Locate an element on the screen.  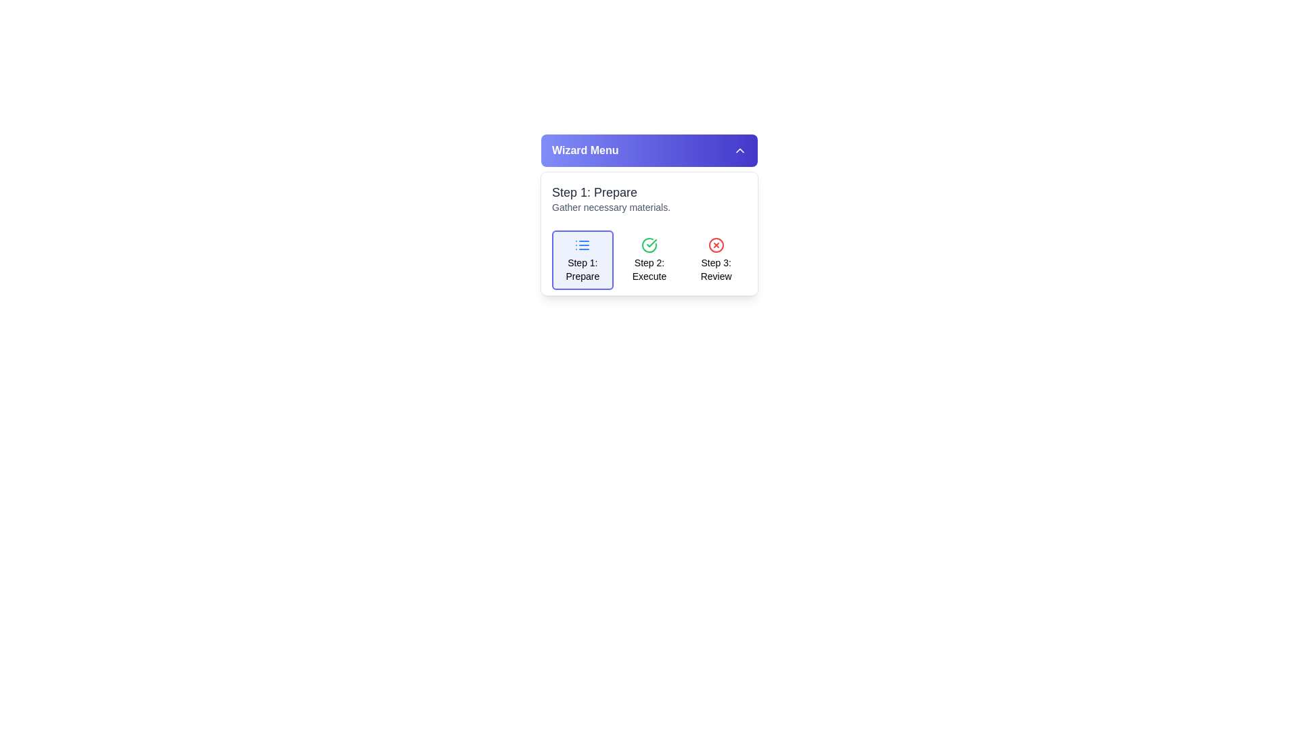
the second step button in the interactive wizard interface is located at coordinates (649, 260).